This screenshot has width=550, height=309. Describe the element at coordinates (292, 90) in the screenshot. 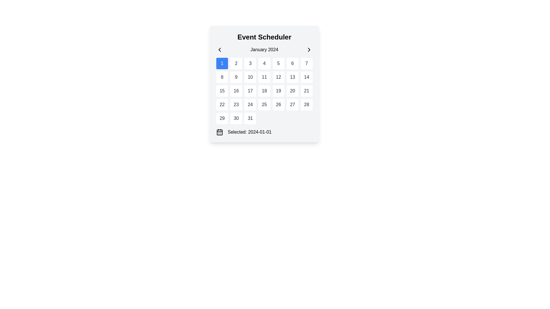

I see `the button labeled '20' in the calendar grid` at that location.